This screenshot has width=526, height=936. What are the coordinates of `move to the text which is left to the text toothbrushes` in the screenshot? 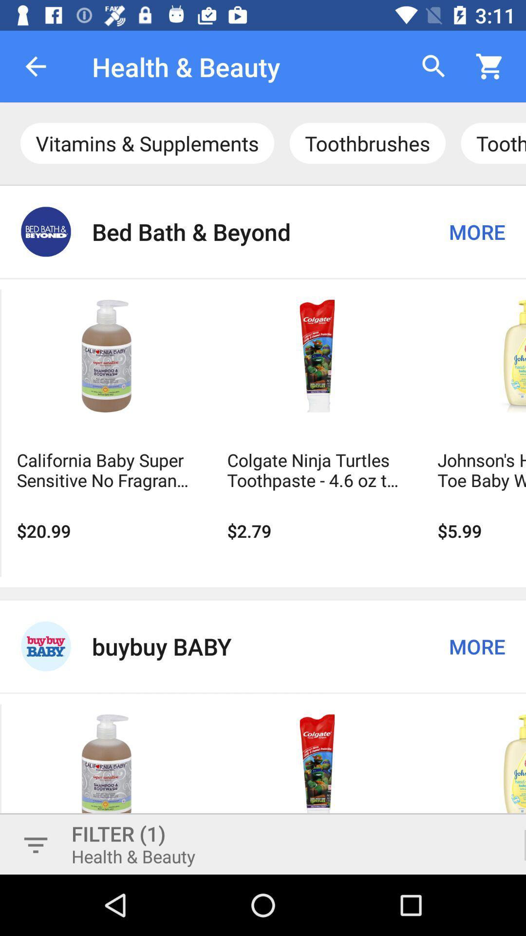 It's located at (147, 142).